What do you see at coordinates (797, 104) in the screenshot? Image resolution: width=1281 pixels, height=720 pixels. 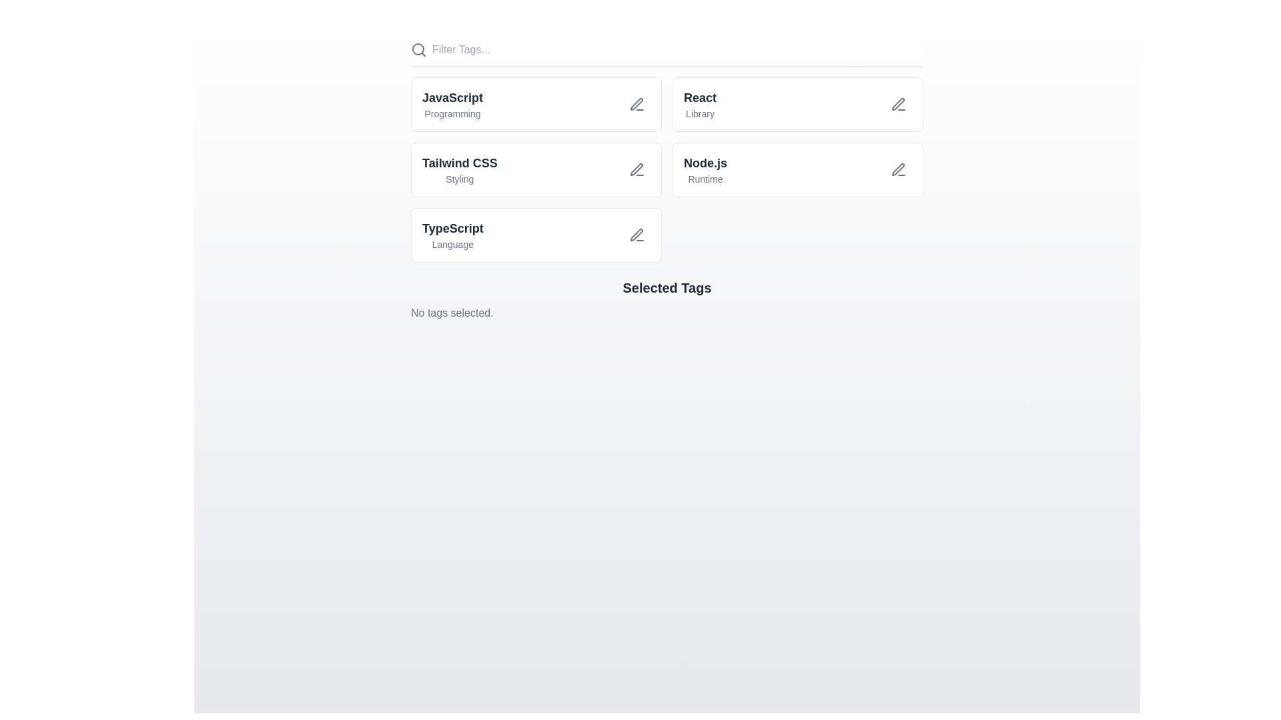 I see `to select the 'React / Library' category card, which is the second card in a two-column grid layout` at bounding box center [797, 104].